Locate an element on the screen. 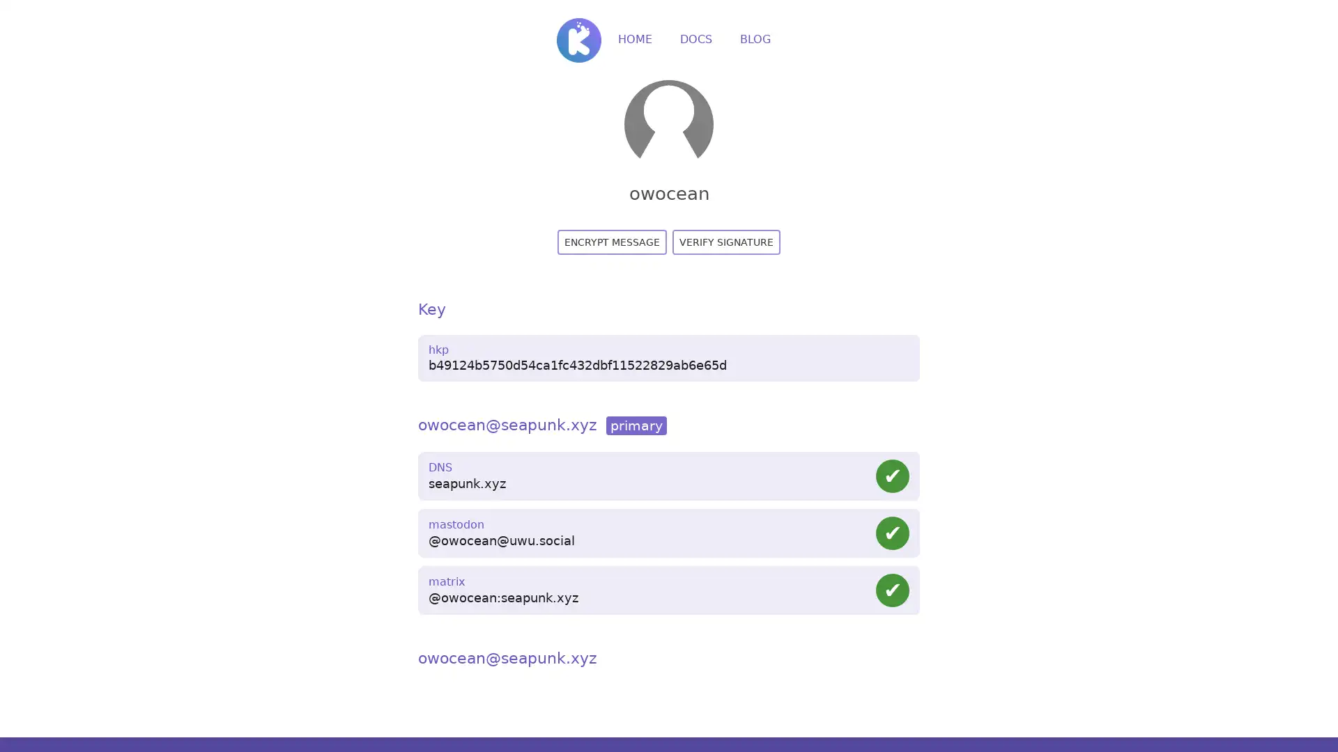 Image resolution: width=1338 pixels, height=752 pixels. ENCRYPT MESSAGE is located at coordinates (612, 241).